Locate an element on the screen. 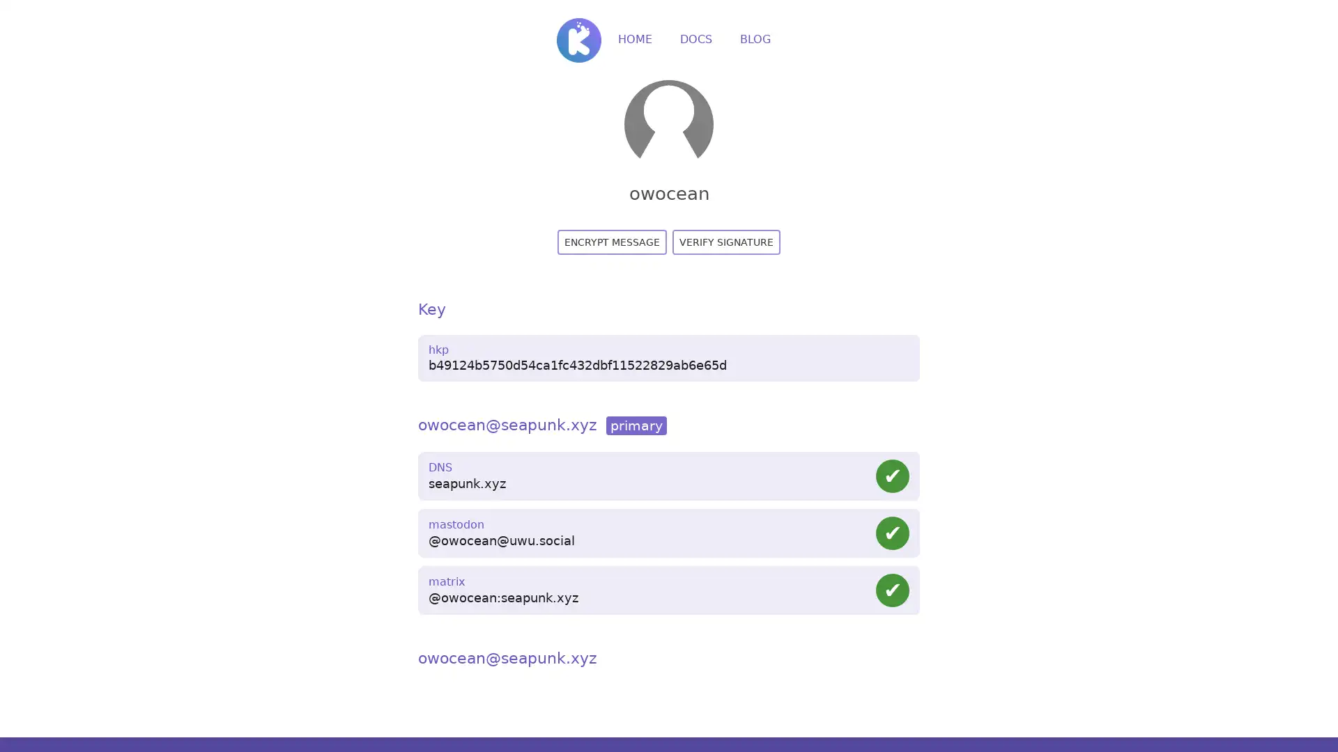 Image resolution: width=1338 pixels, height=752 pixels. ENCRYPT MESSAGE is located at coordinates (612, 241).